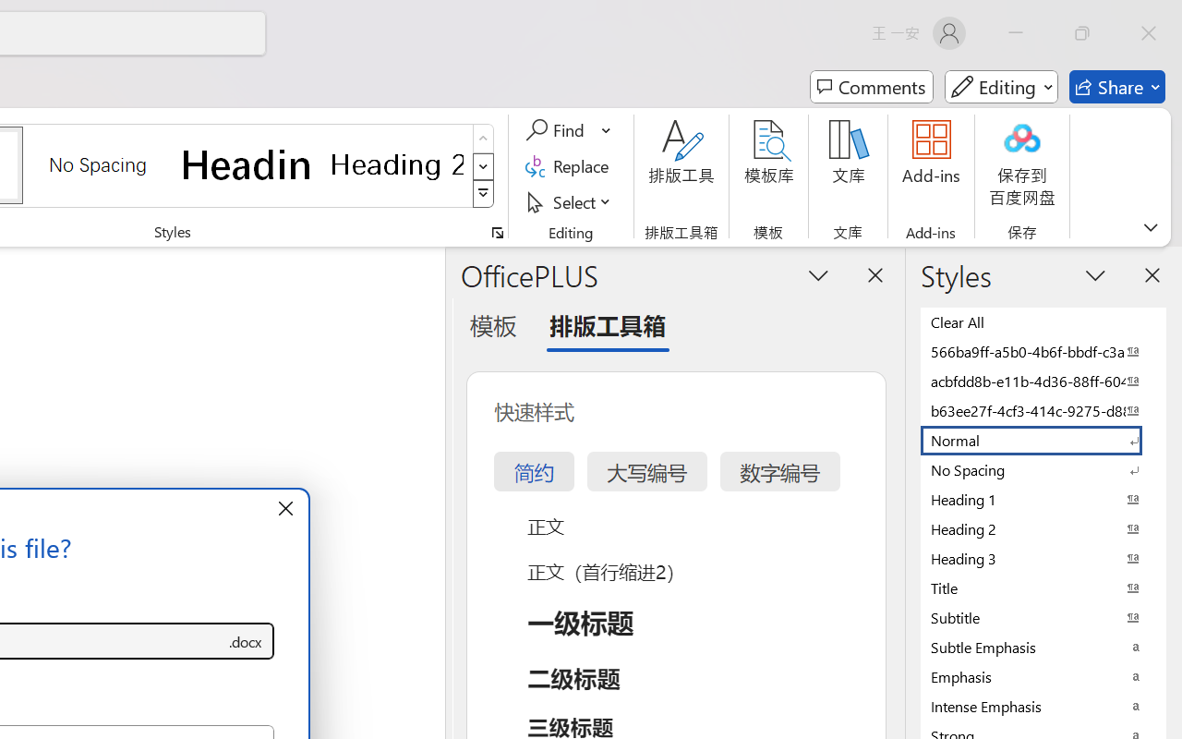  I want to click on 'Class: NetUIImage', so click(484, 194).